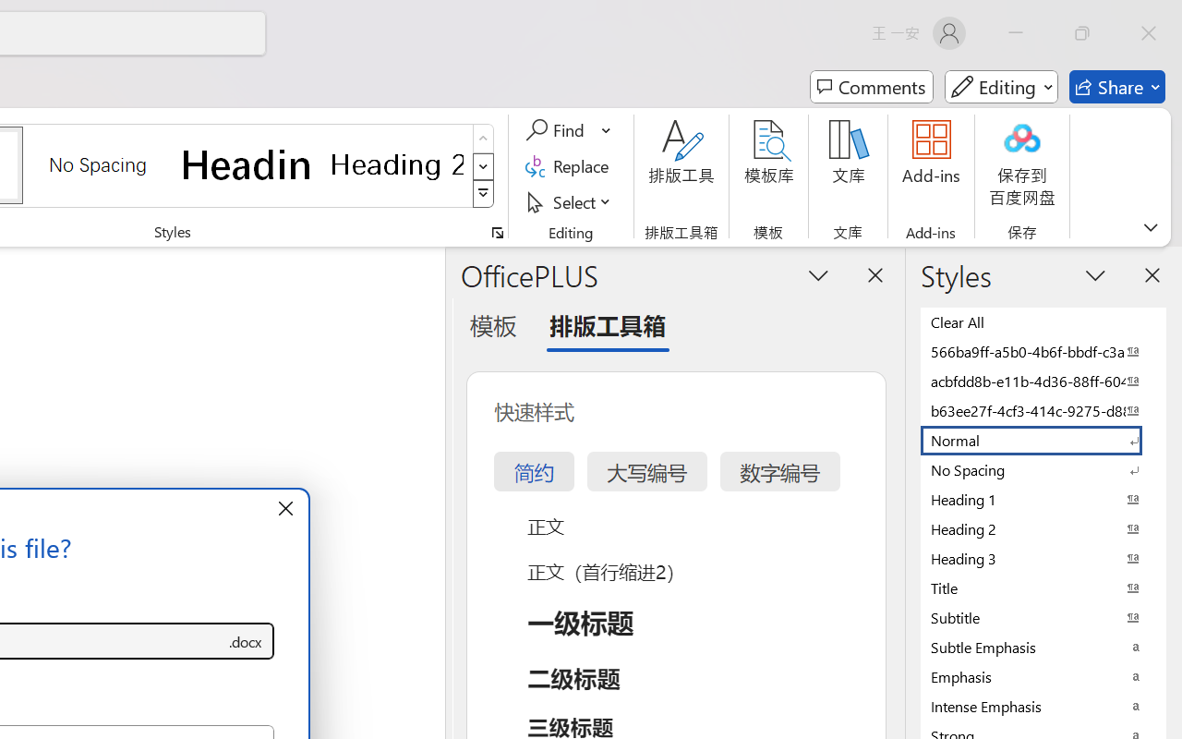  I want to click on 'Class: NetUIImage', so click(484, 194).